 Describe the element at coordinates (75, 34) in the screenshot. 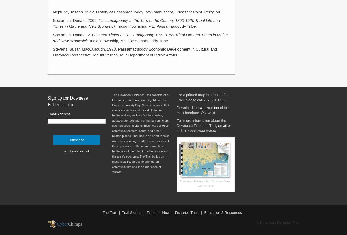

I see `'Soctomah, Donald. 2003.'` at that location.